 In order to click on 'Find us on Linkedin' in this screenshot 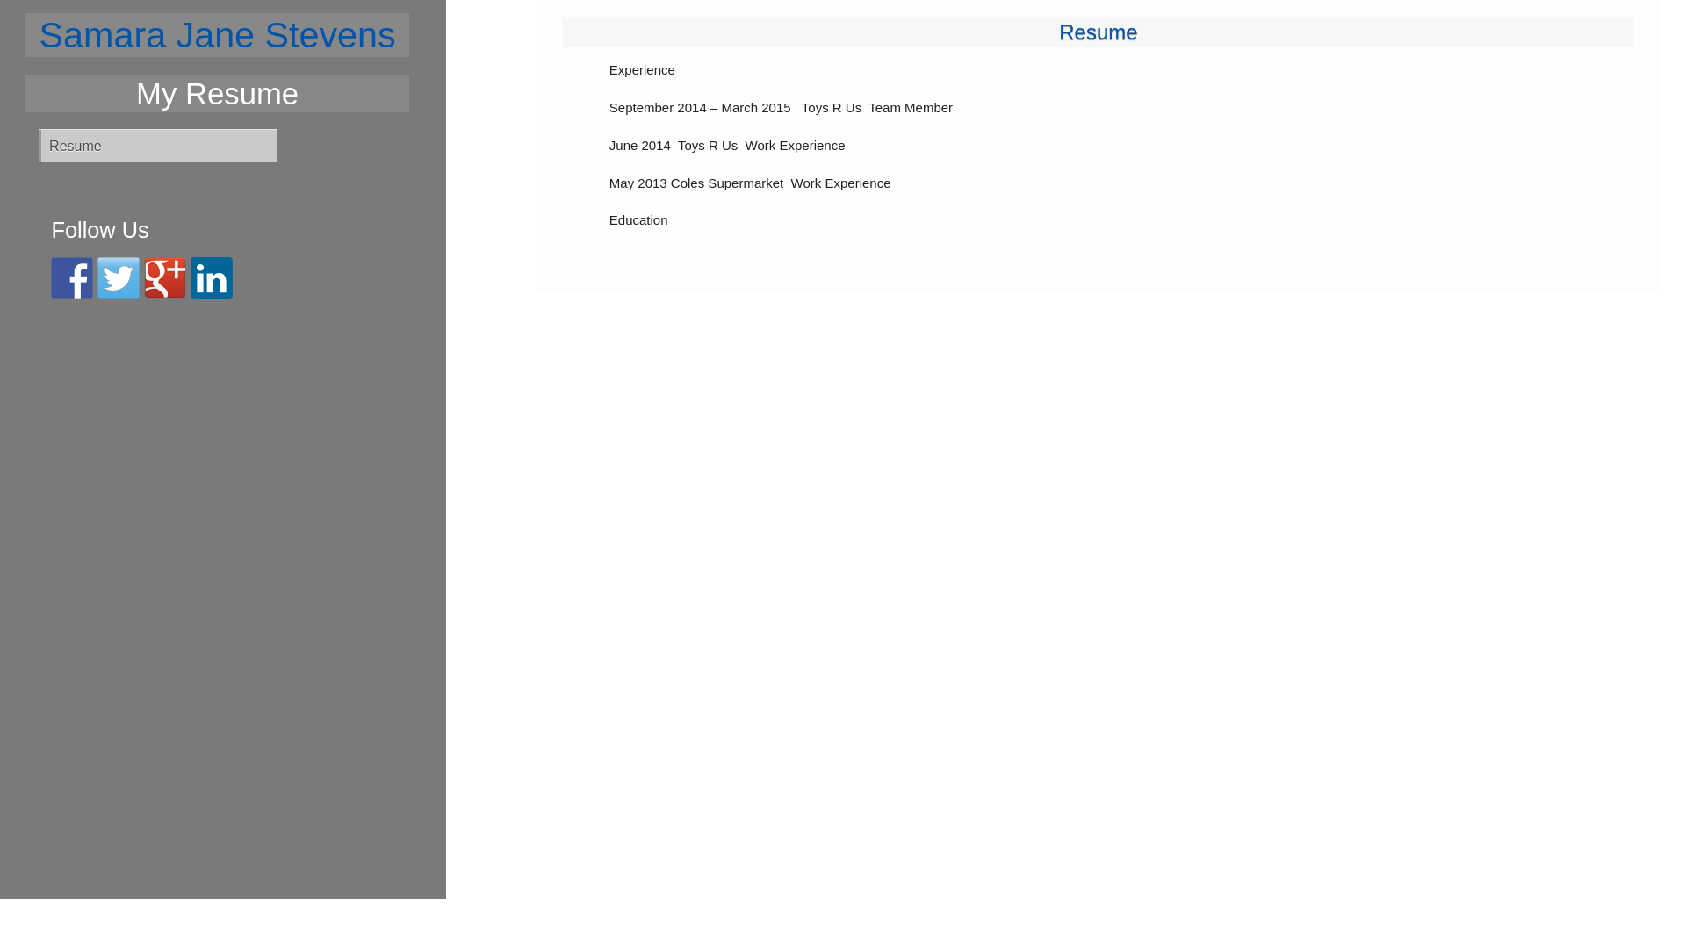, I will do `click(211, 276)`.